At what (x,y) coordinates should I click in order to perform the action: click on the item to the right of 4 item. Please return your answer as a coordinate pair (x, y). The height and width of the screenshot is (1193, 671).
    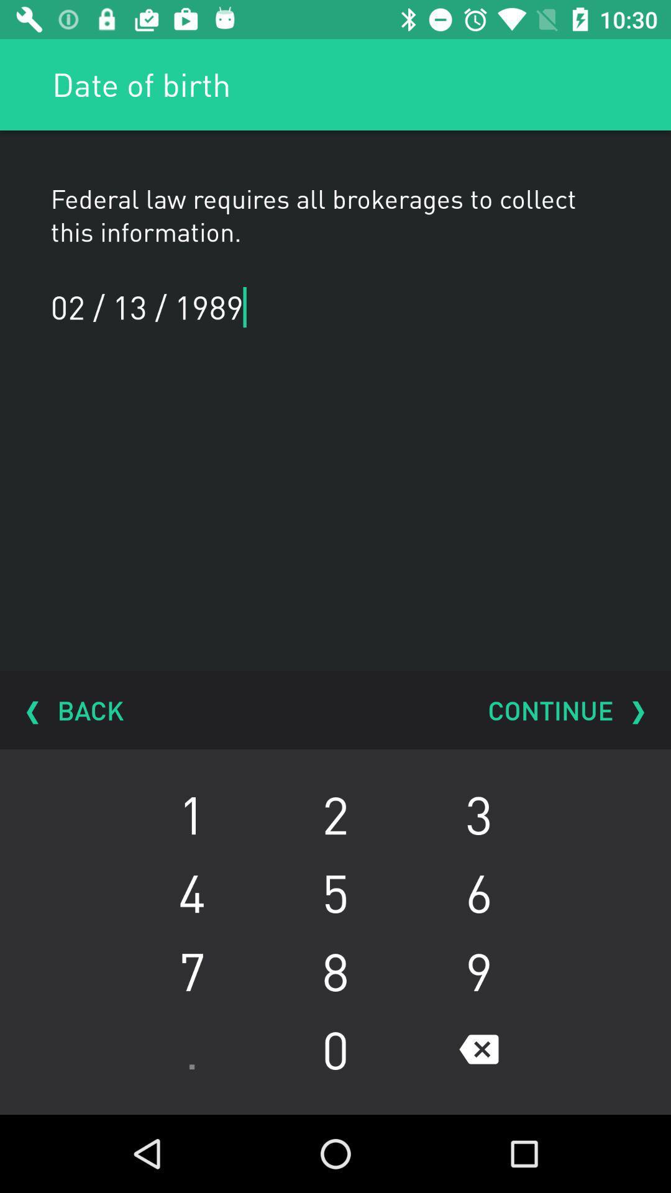
    Looking at the image, I should click on (335, 971).